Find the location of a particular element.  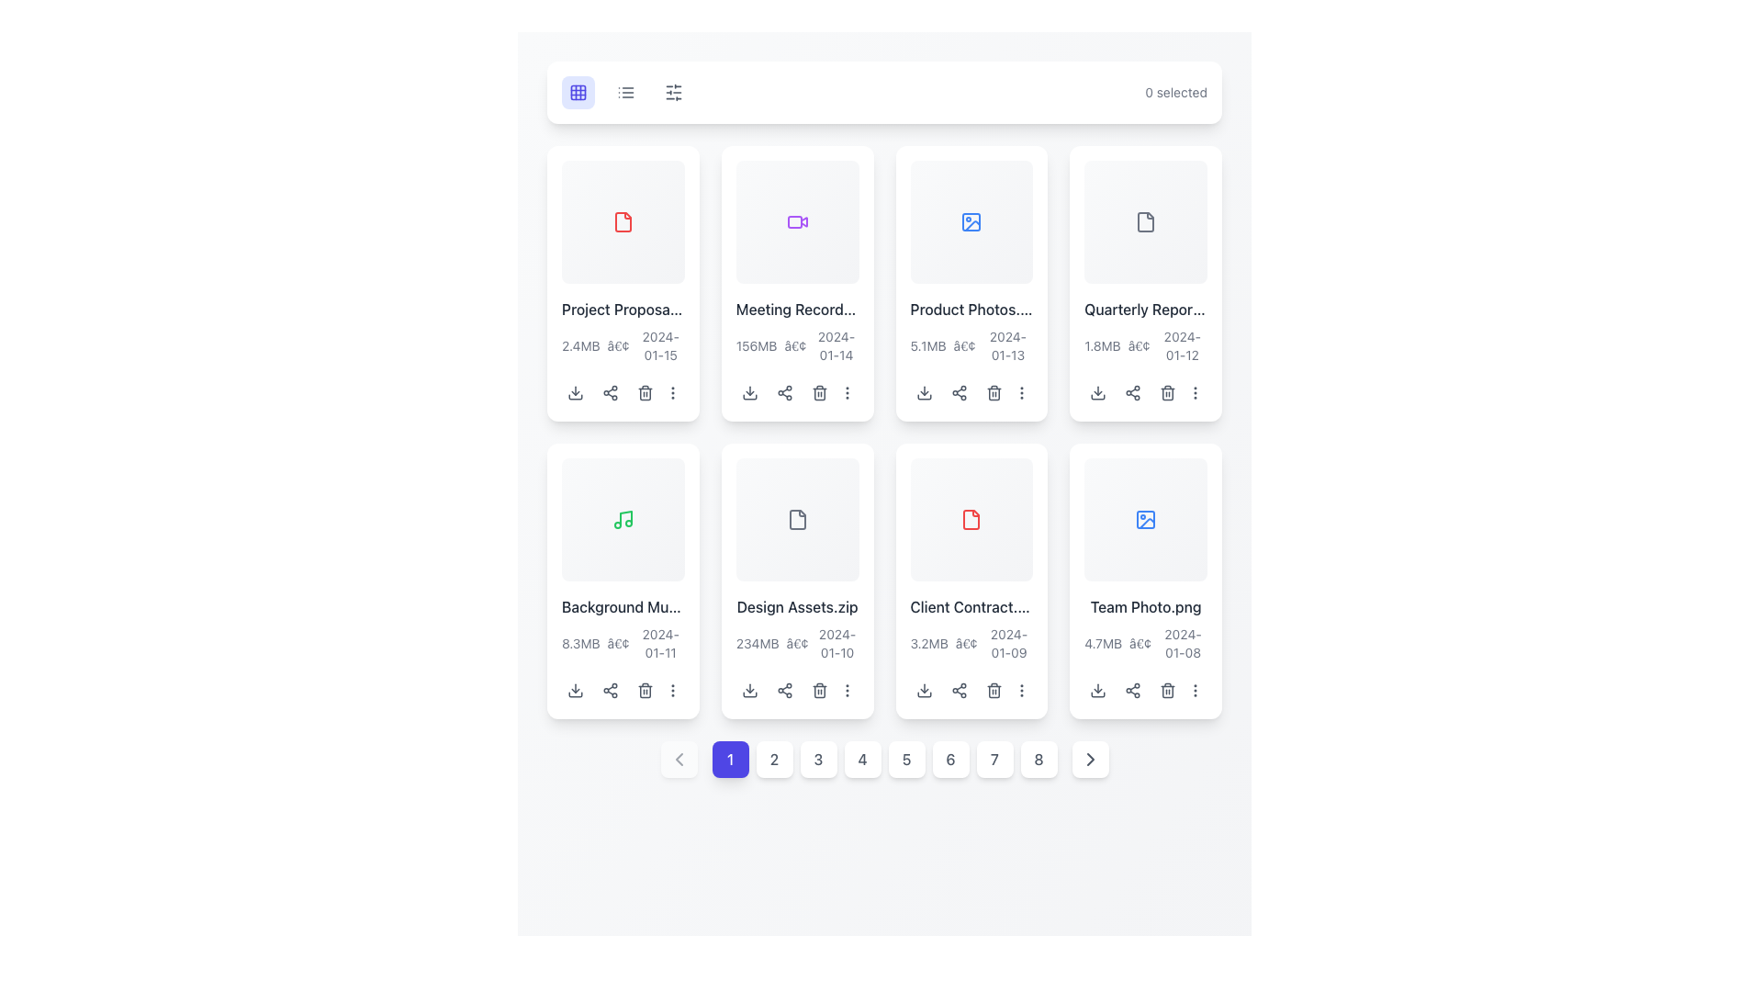

the Text Label displaying '8.3MB', which indicates the file size of 'Background Music' in the grid layout is located at coordinates (579, 642).